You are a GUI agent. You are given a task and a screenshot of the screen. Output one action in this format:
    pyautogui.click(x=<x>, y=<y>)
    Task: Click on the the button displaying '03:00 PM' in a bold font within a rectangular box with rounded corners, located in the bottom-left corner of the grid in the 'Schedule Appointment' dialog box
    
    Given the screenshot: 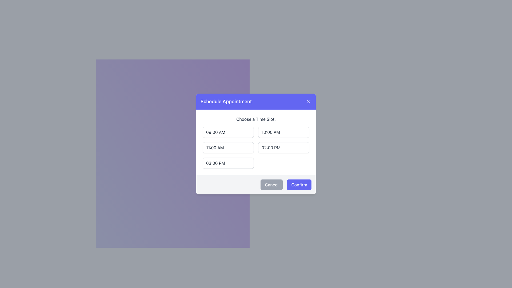 What is the action you would take?
    pyautogui.click(x=228, y=163)
    